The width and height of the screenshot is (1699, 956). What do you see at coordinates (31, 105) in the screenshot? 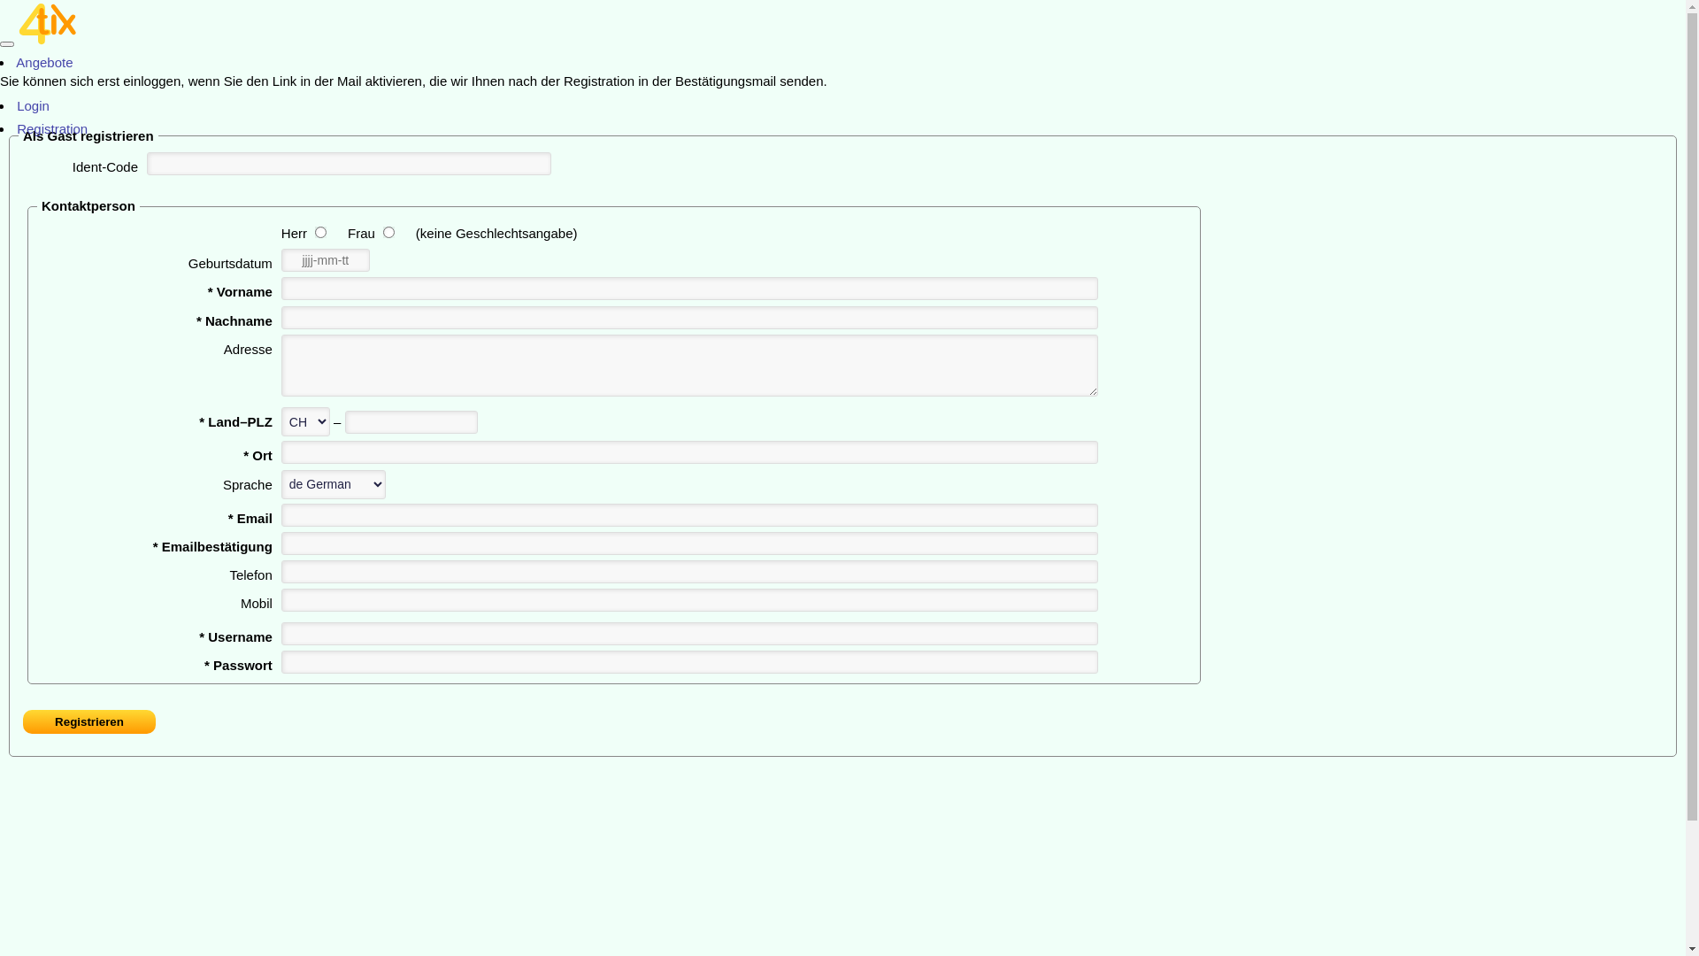
I see `' Login'` at bounding box center [31, 105].